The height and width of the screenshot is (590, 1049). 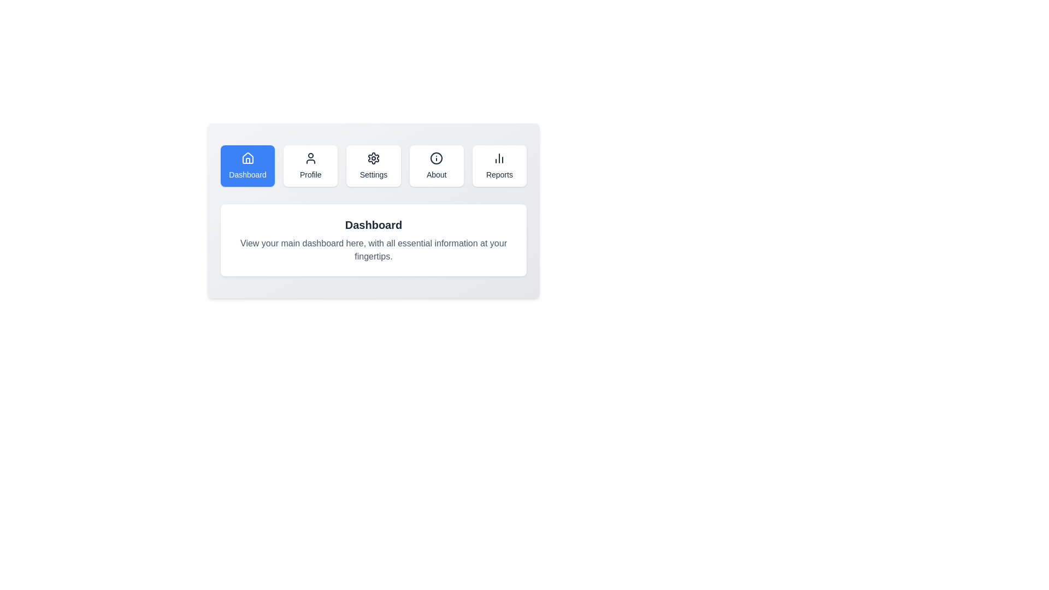 What do you see at coordinates (310, 158) in the screenshot?
I see `the icon of the Profile tab to examine its visual details` at bounding box center [310, 158].